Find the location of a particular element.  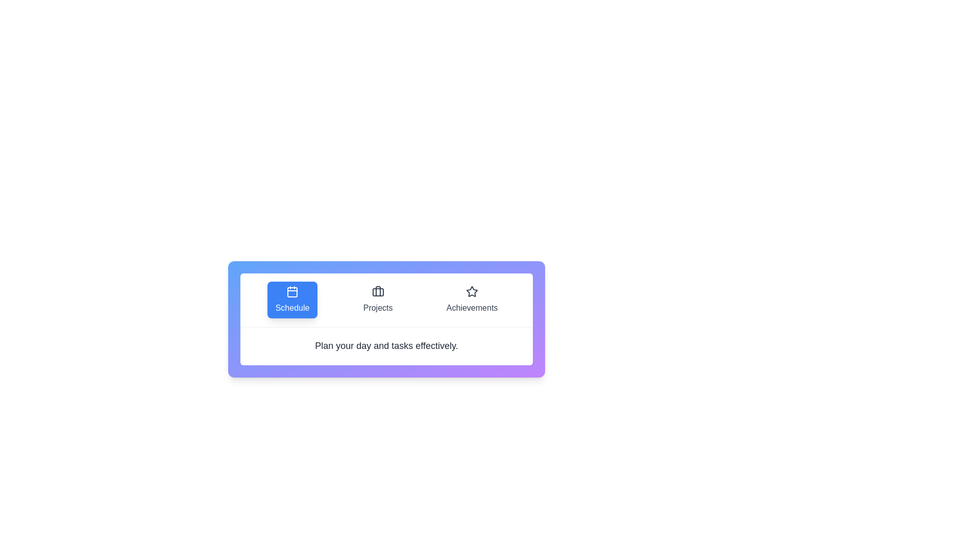

the tab labeled Achievements is located at coordinates (472, 299).